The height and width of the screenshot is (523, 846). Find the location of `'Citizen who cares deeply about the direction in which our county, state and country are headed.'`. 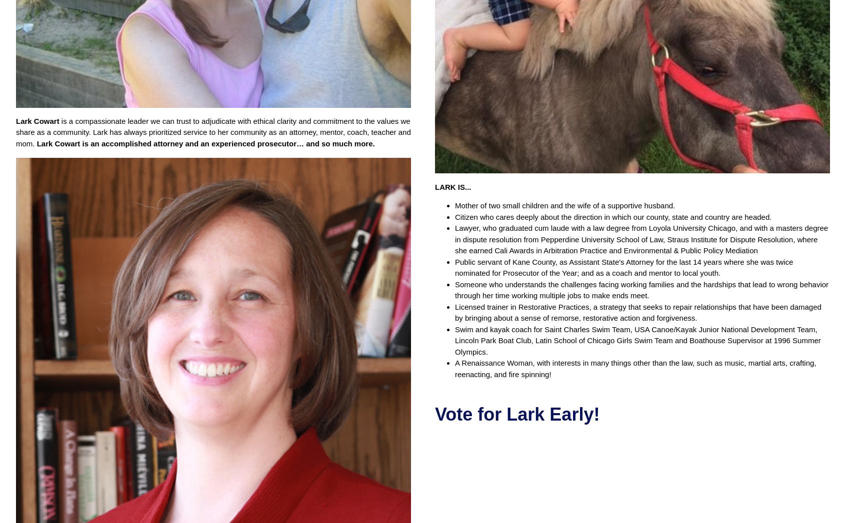

'Citizen who cares deeply about the direction in which our county, state and country are headed.' is located at coordinates (613, 216).